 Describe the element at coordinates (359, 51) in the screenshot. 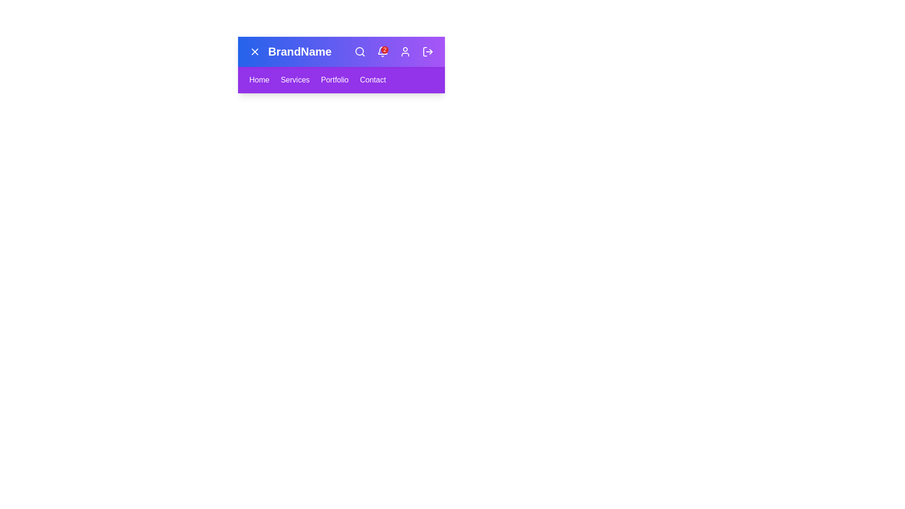

I see `the circular lens representation of the magnifying glass in the search icon located in the top navigation bar` at that location.